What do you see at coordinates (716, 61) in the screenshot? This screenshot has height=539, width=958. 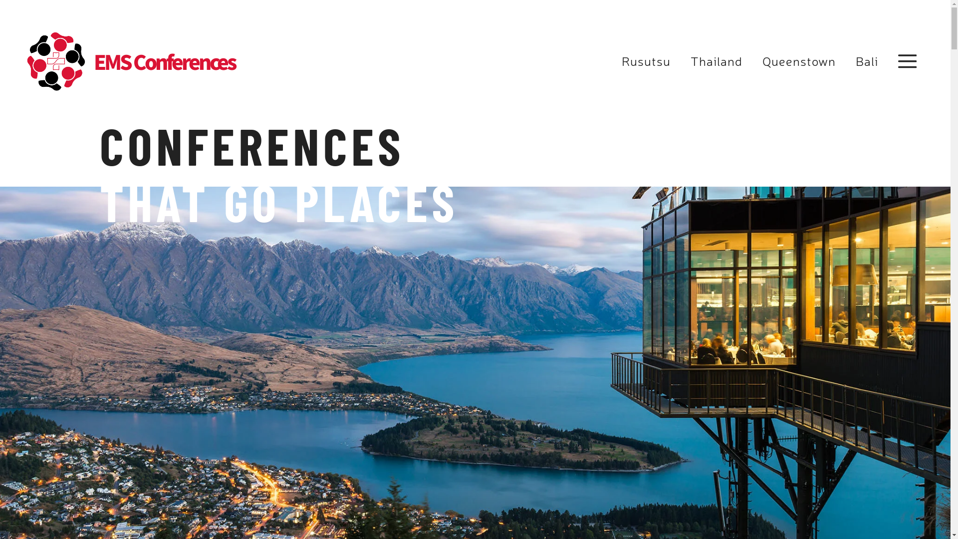 I see `'Thailand'` at bounding box center [716, 61].